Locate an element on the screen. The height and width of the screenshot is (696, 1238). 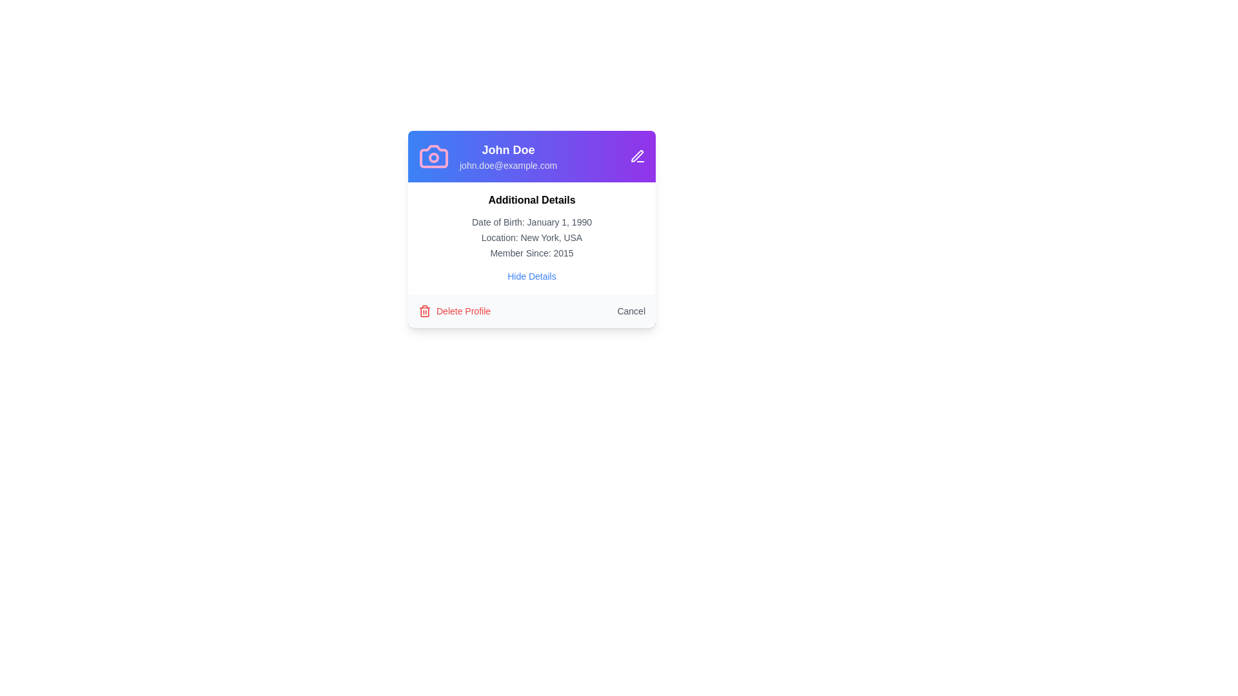
profile information displayed in the Profile Header section, which includes the name 'John Doe' and the email 'john.doe@example.com' is located at coordinates (532, 156).